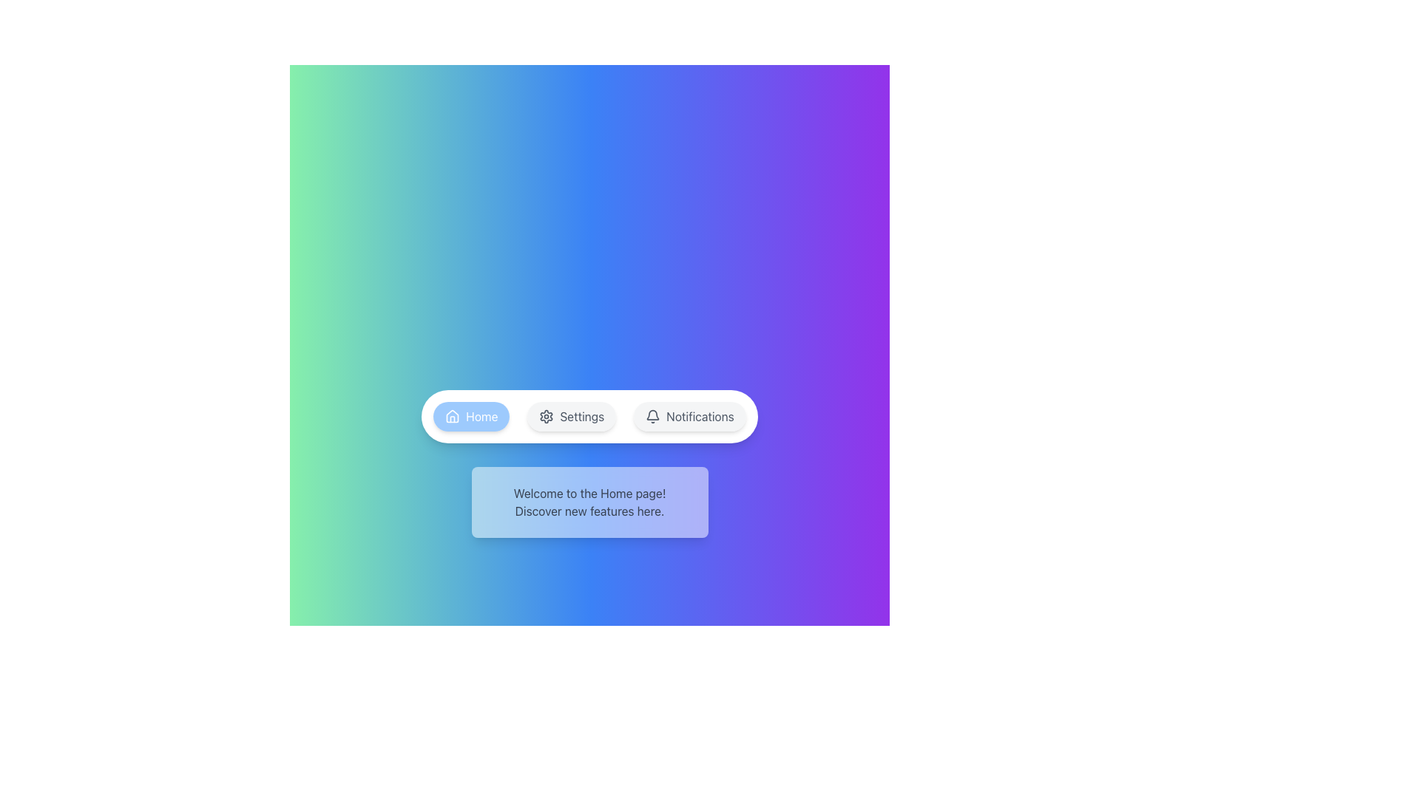 The width and height of the screenshot is (1420, 798). I want to click on the 'Home' icon located at the leftmost part of the 'Home' button, which is contained within a rounded rectangular button, so click(452, 416).